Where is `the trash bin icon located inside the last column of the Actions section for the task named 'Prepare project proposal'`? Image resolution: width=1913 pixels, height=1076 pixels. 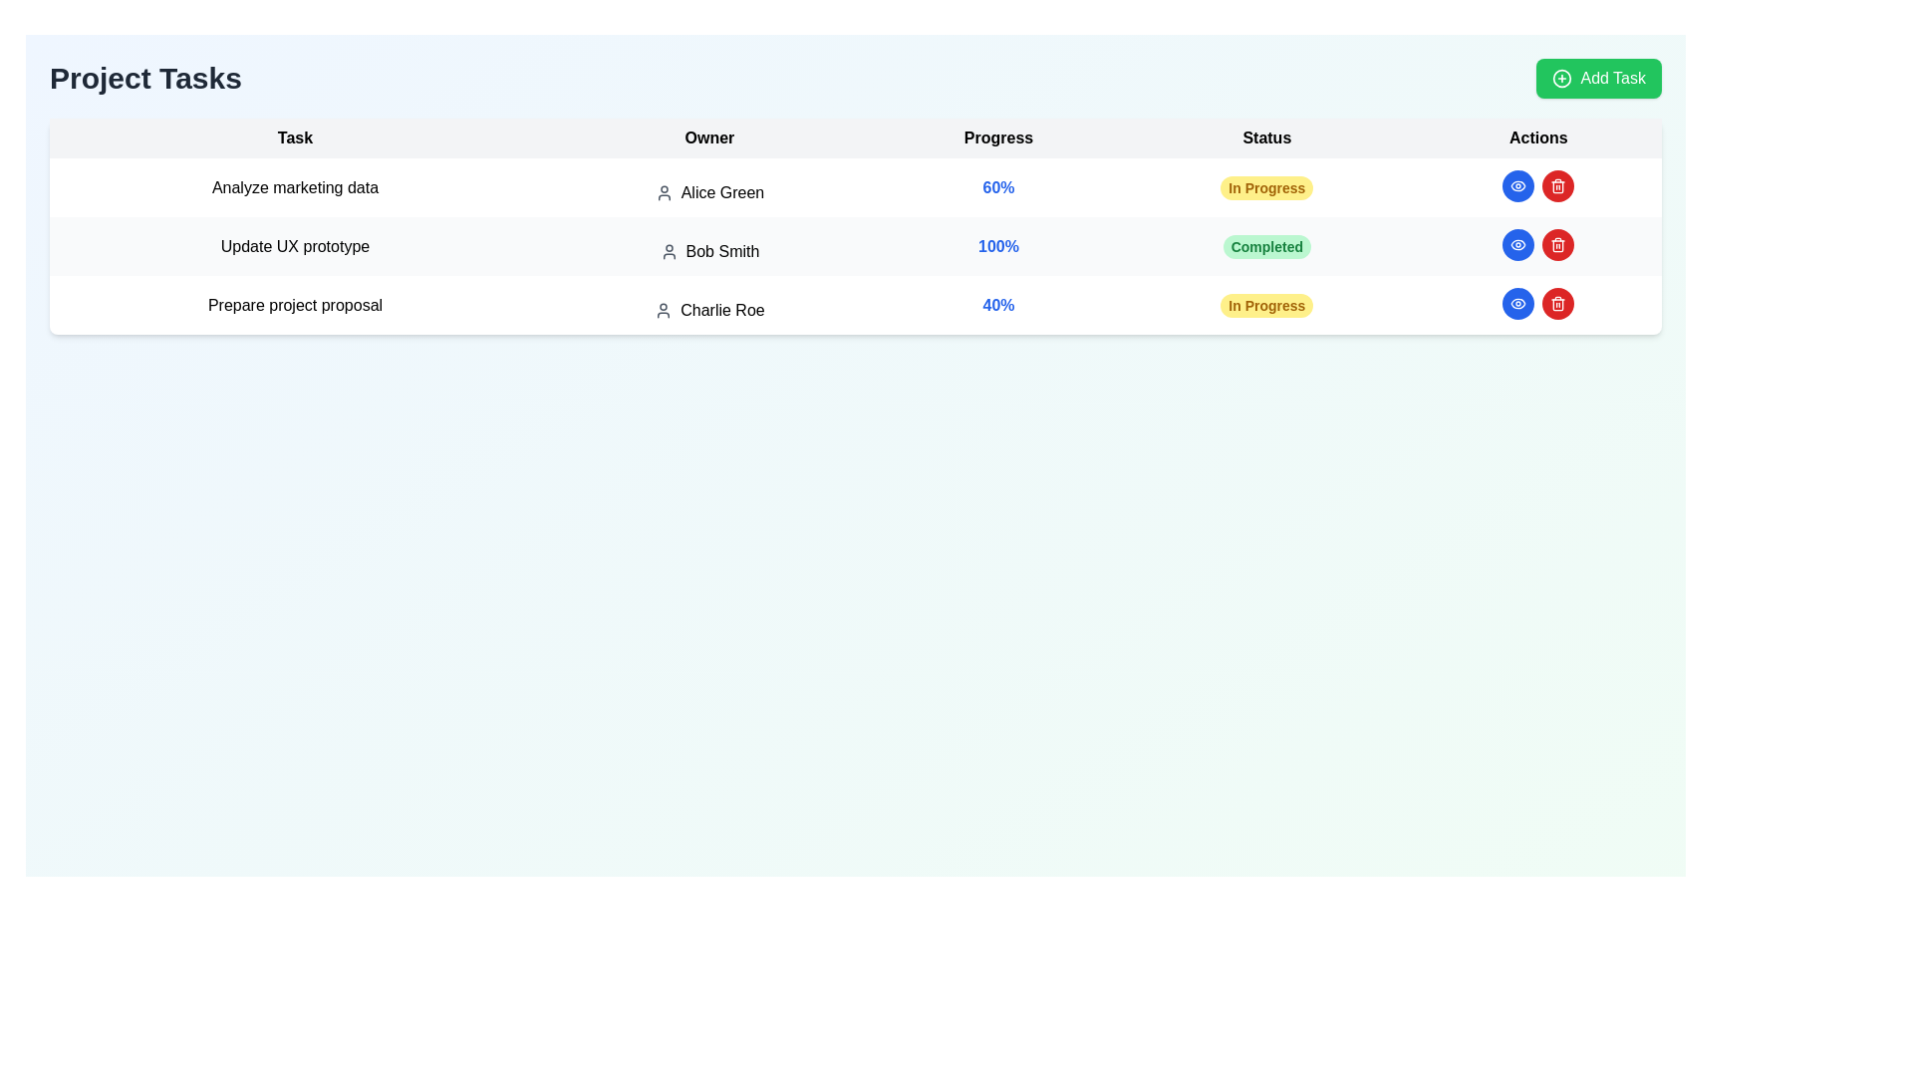 the trash bin icon located inside the last column of the Actions section for the task named 'Prepare project proposal' is located at coordinates (1557, 187).